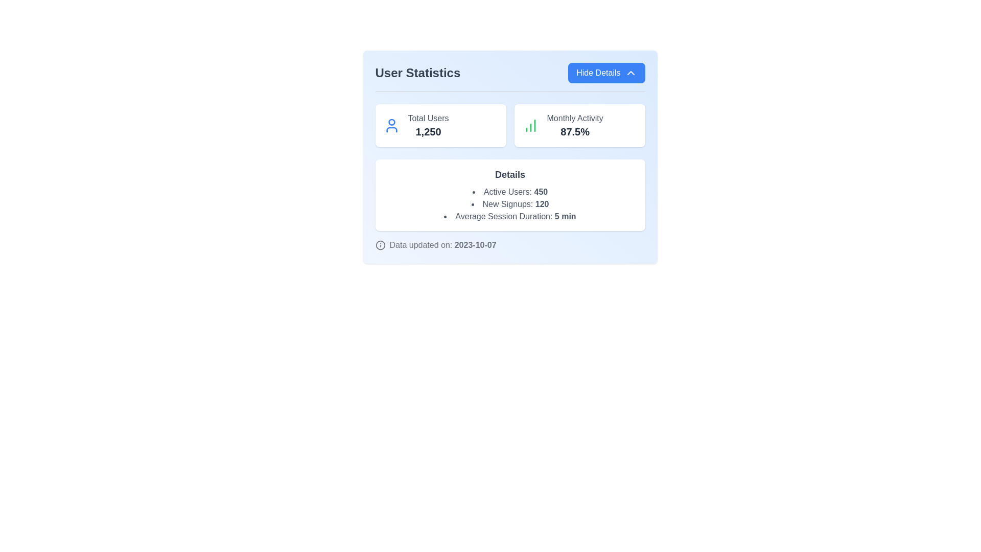  What do you see at coordinates (542, 204) in the screenshot?
I see `the bold numeric text displaying '120' that is part of the 'New Signups:' statistic in the 'Details' section` at bounding box center [542, 204].